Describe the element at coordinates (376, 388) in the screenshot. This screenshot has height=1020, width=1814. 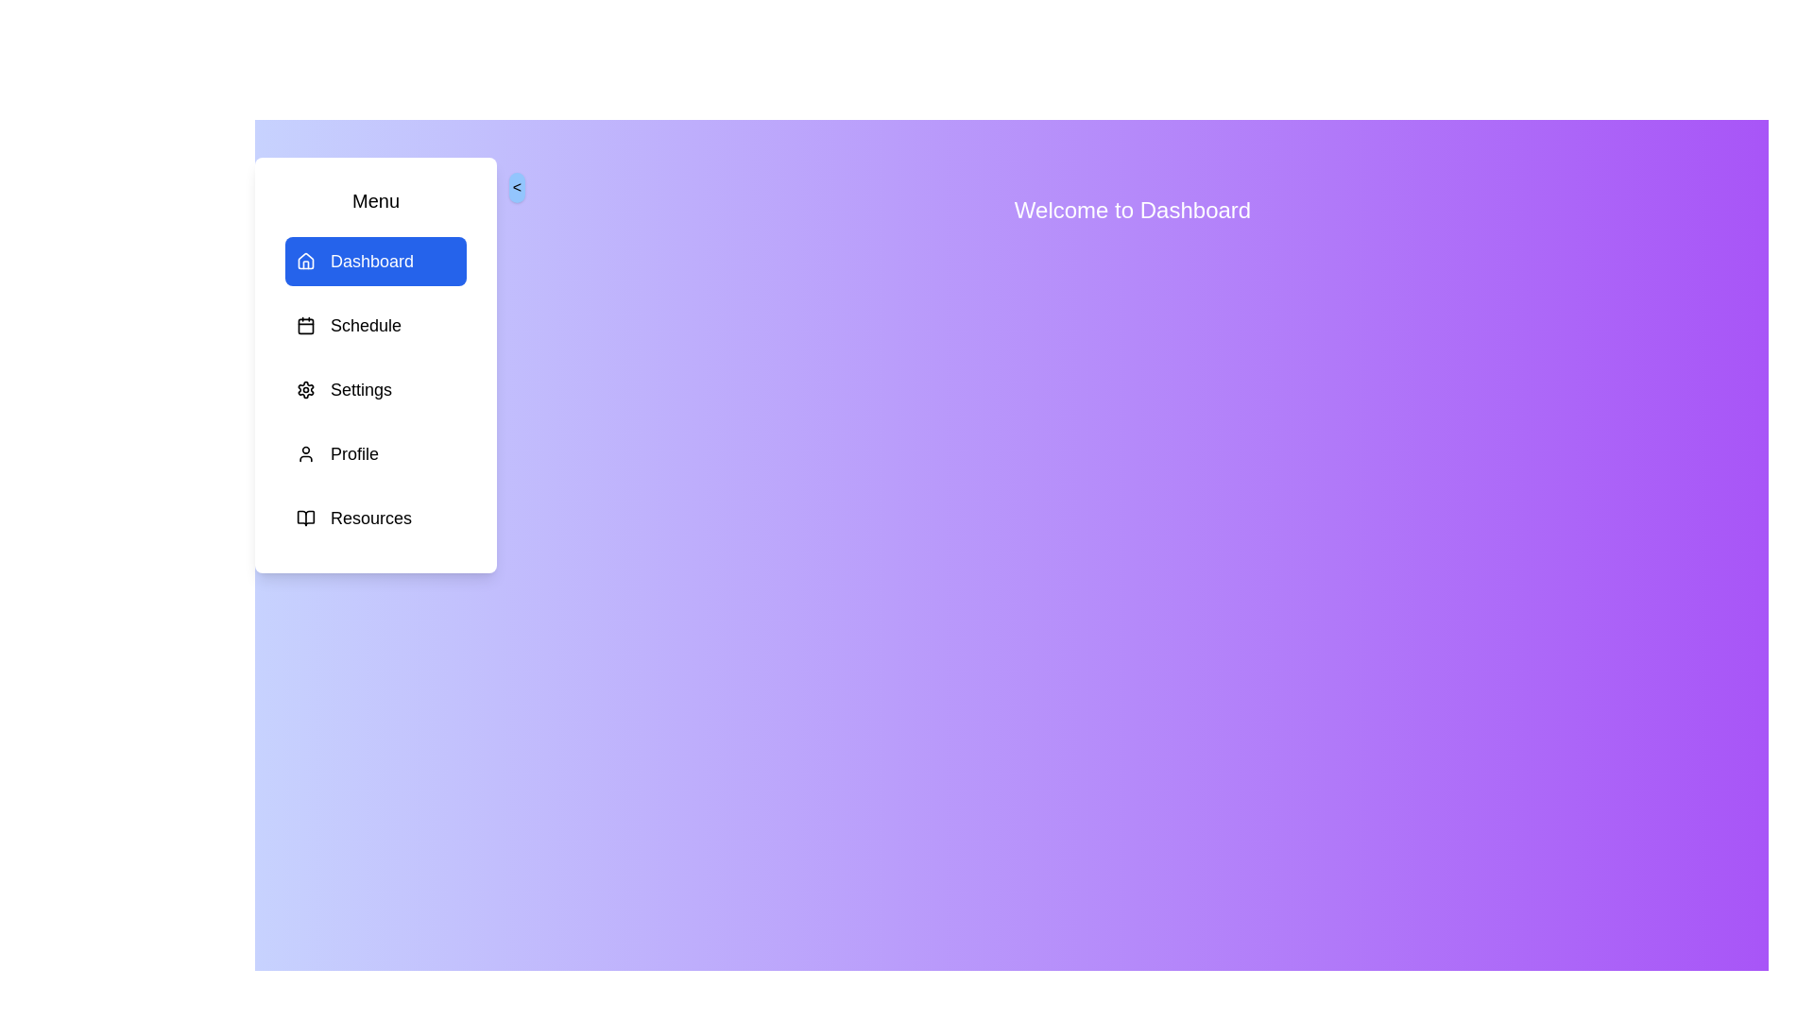
I see `the menu item Settings to observe its hover effect` at that location.